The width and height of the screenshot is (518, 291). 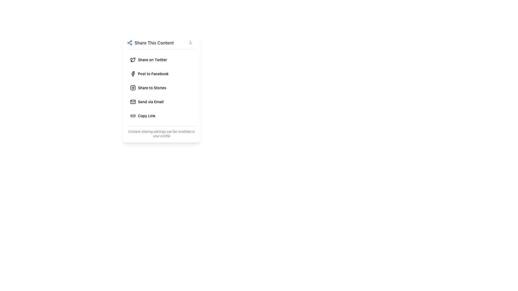 What do you see at coordinates (151, 102) in the screenshot?
I see `the email sharing label that indicates the action of sharing content via email, positioned in a vertical list of sharing actions, following 'Share to Stories' and preceding 'Copy Link'` at bounding box center [151, 102].